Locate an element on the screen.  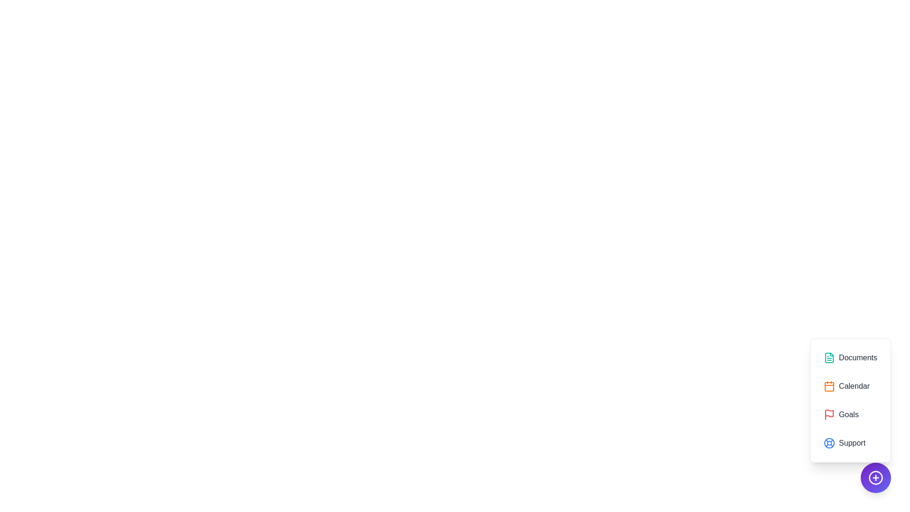
the option Calendar from the menu is located at coordinates (850, 386).